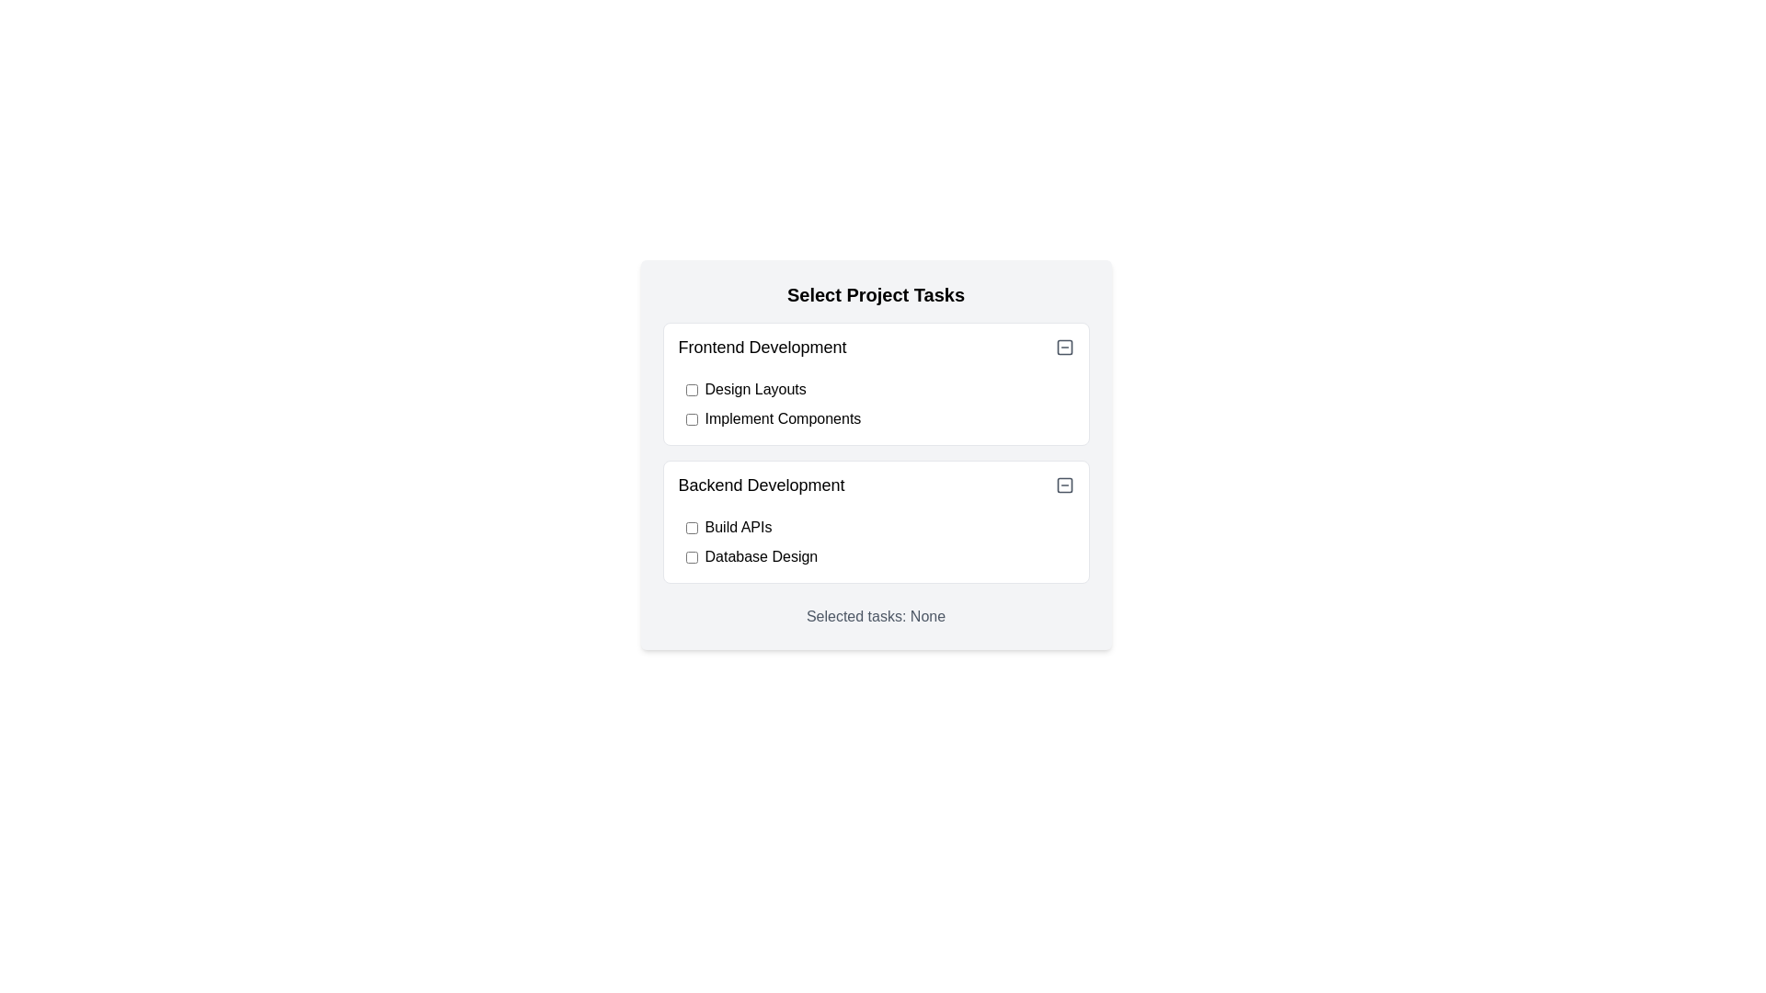  Describe the element at coordinates (1064, 485) in the screenshot. I see `the square-shaped graphical component with rounded corners that serves as the background for the minus icon in the 'Backend Development' section` at that location.